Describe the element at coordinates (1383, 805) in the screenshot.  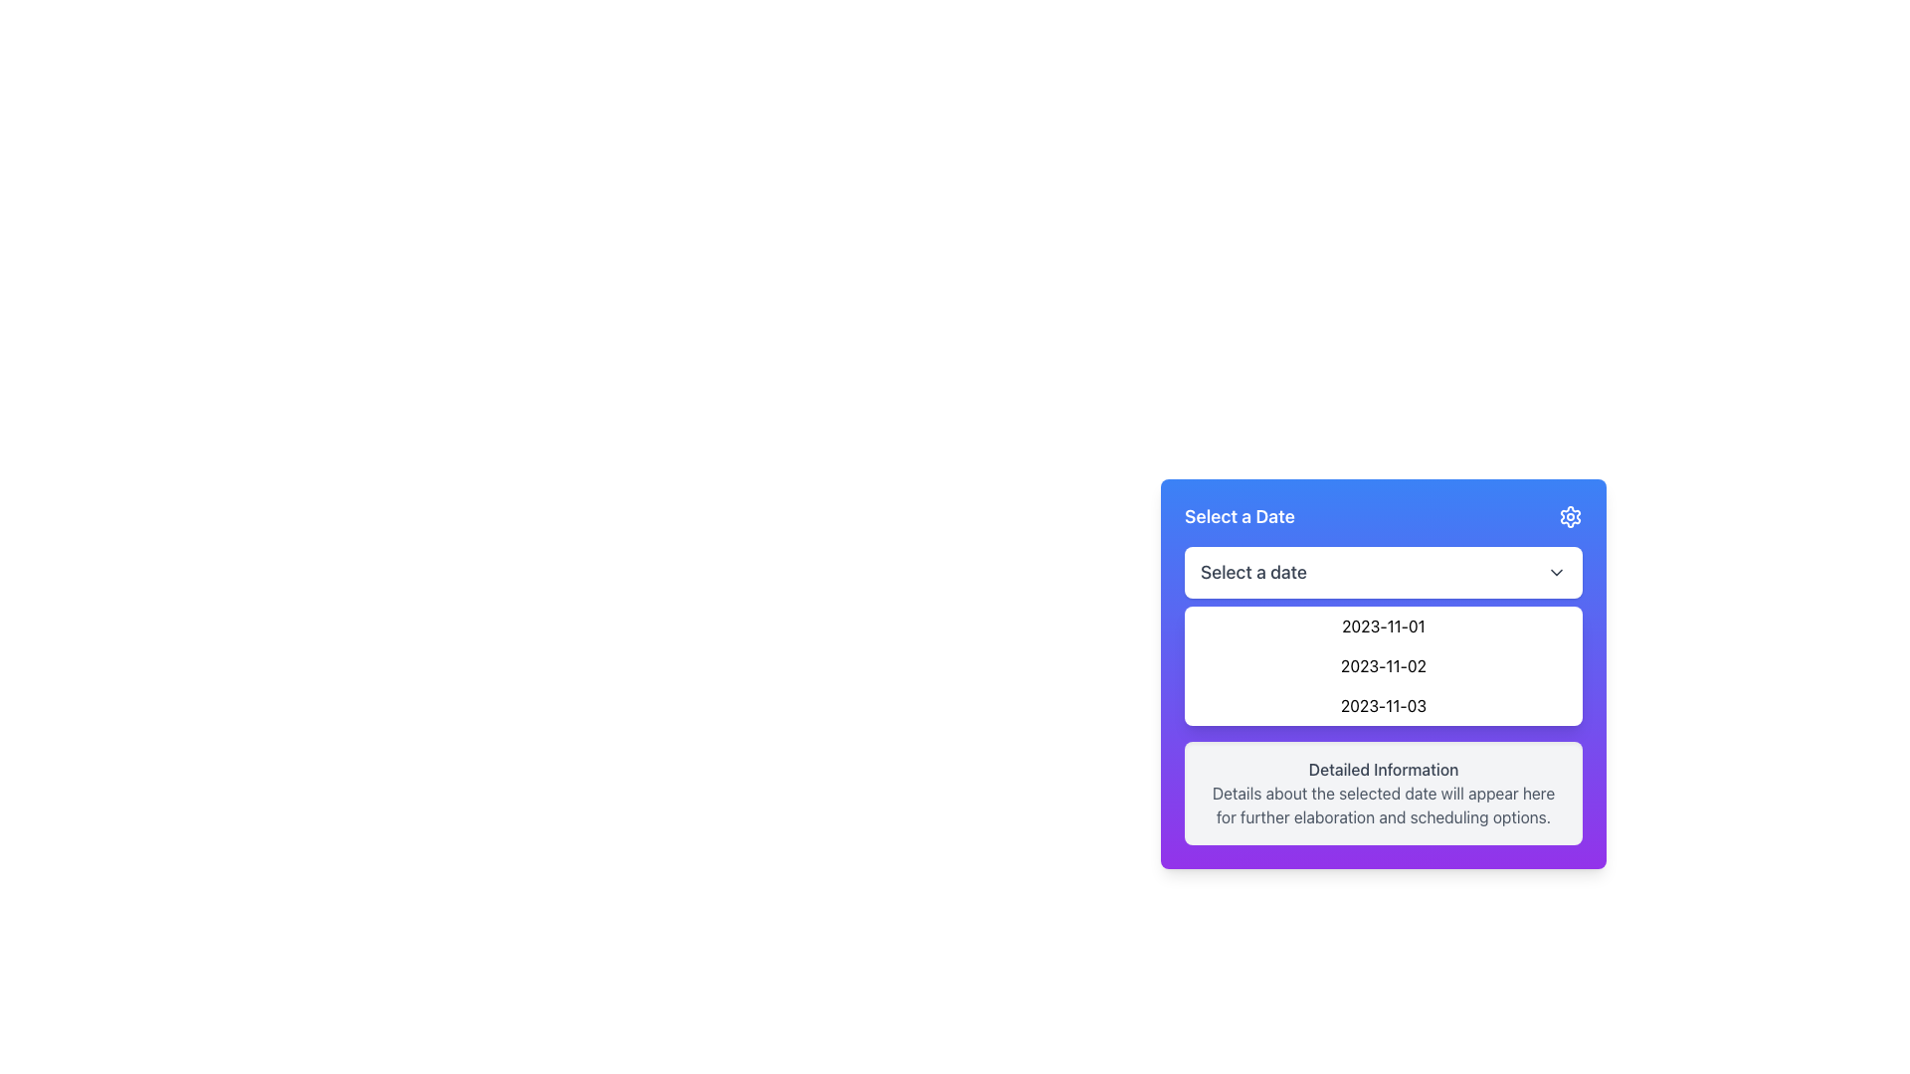
I see `the static text element that displays supportive information related to the selected date, located below the 'Detailed Information' header in a light gray rounded rectangle` at that location.